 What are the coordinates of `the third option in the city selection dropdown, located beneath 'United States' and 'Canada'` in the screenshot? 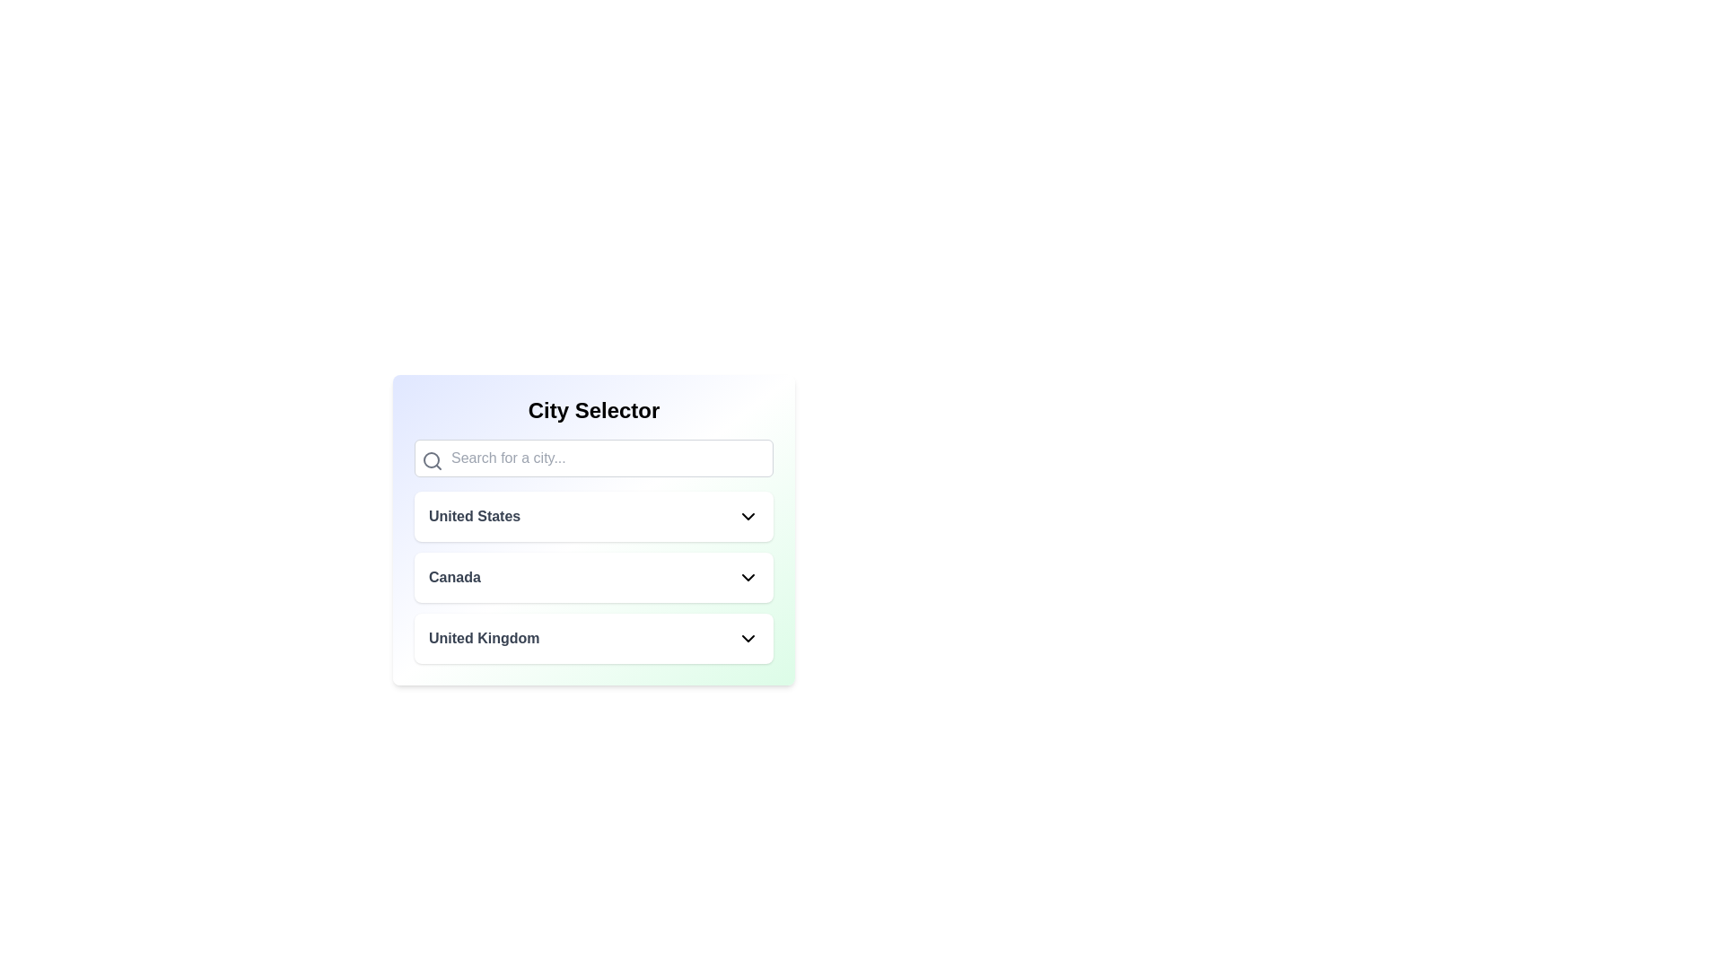 It's located at (594, 638).